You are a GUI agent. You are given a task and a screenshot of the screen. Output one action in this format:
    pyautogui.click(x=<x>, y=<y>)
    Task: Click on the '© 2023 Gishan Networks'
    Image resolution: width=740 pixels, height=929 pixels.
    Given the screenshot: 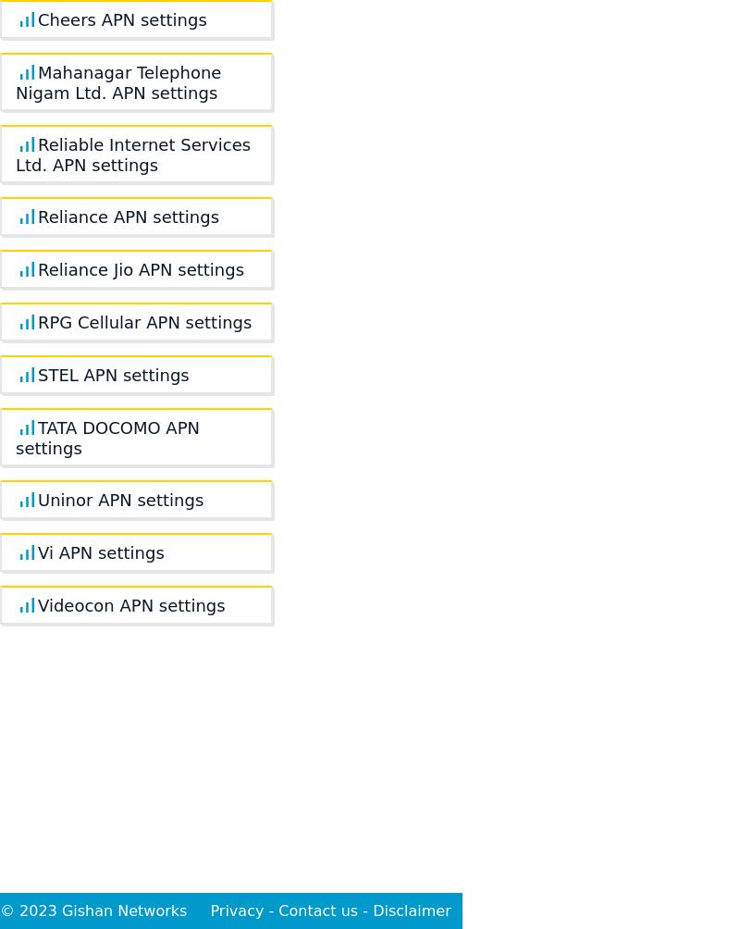 What is the action you would take?
    pyautogui.click(x=0, y=910)
    